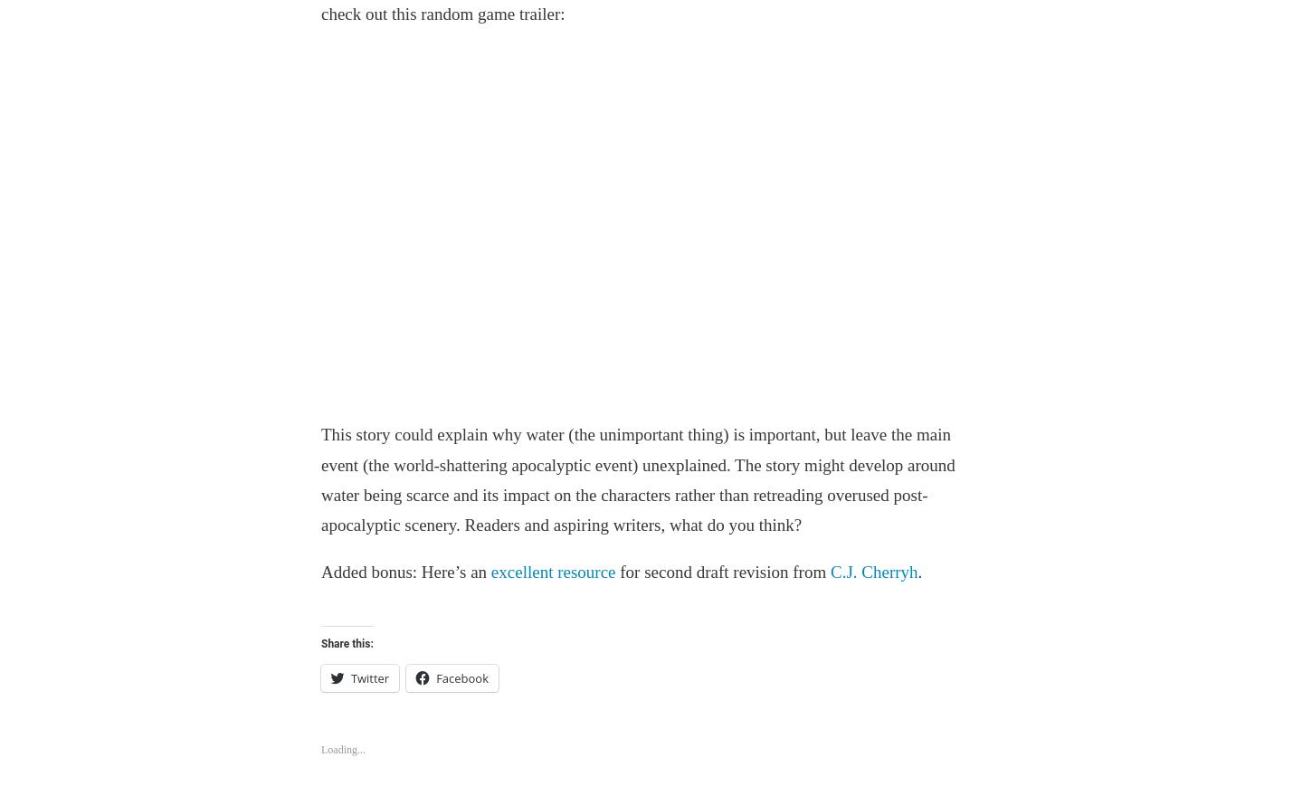 The height and width of the screenshot is (795, 1312). What do you see at coordinates (404, 572) in the screenshot?
I see `'Added bonus: Here’s an'` at bounding box center [404, 572].